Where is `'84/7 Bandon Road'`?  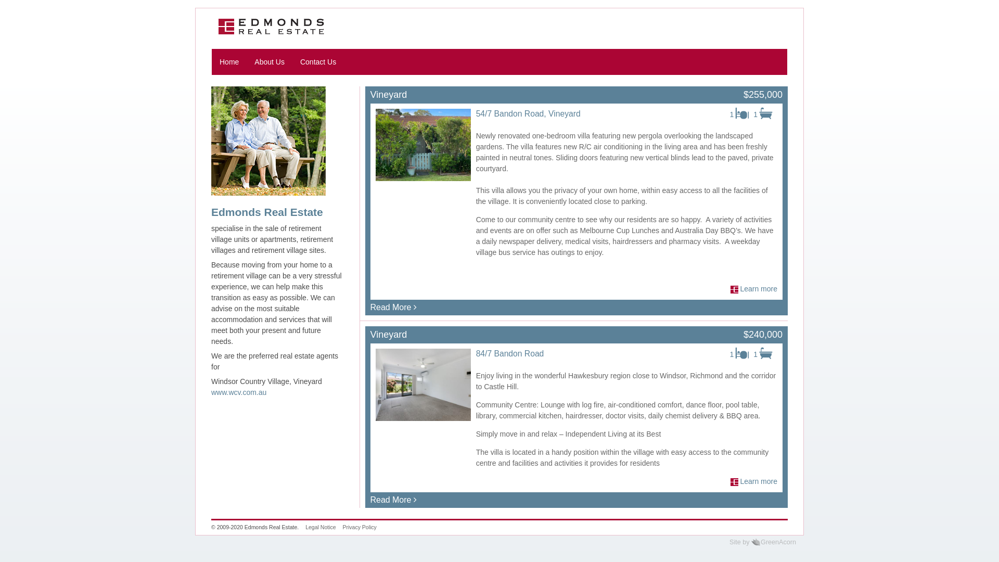
'84/7 Bandon Road' is located at coordinates (510, 353).